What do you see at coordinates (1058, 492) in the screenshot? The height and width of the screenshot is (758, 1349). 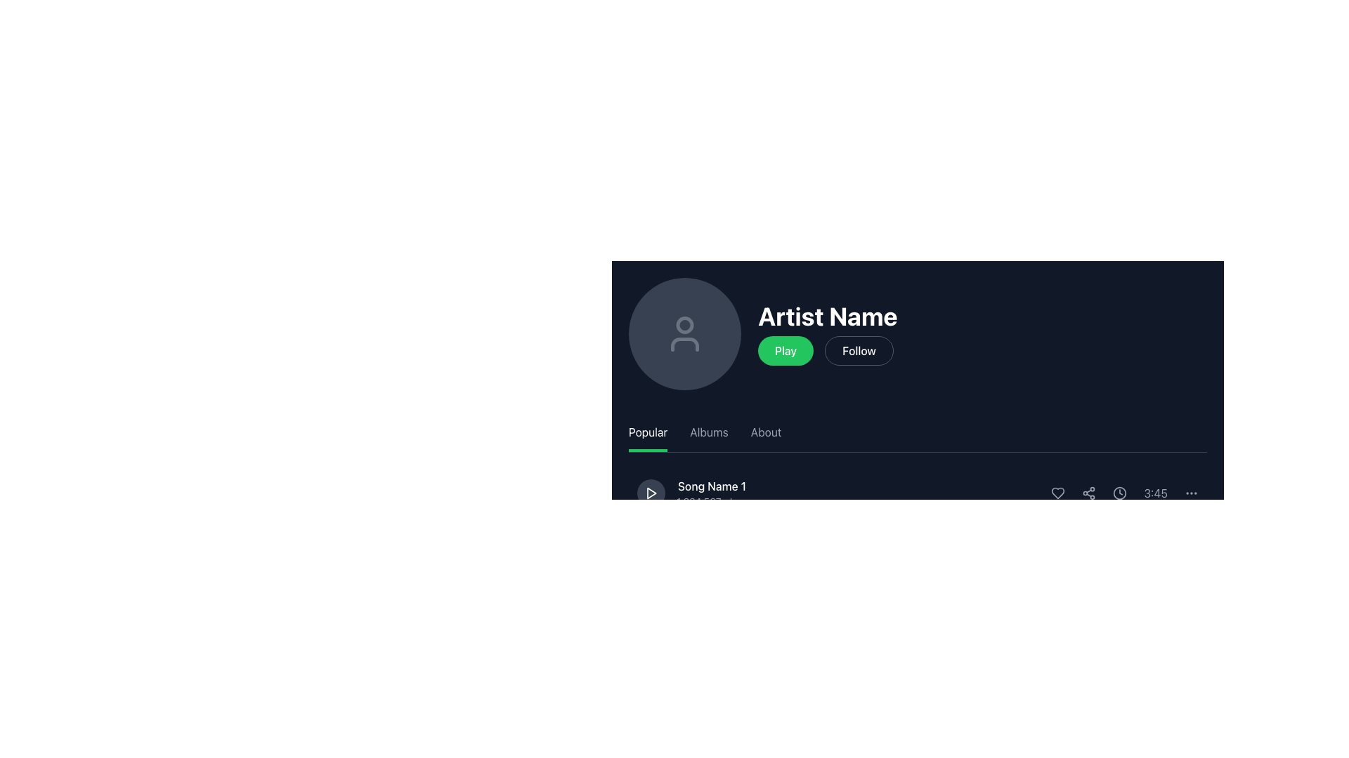 I see `the favorite icon located at the far right of the song listing row to favorite the associated song` at bounding box center [1058, 492].